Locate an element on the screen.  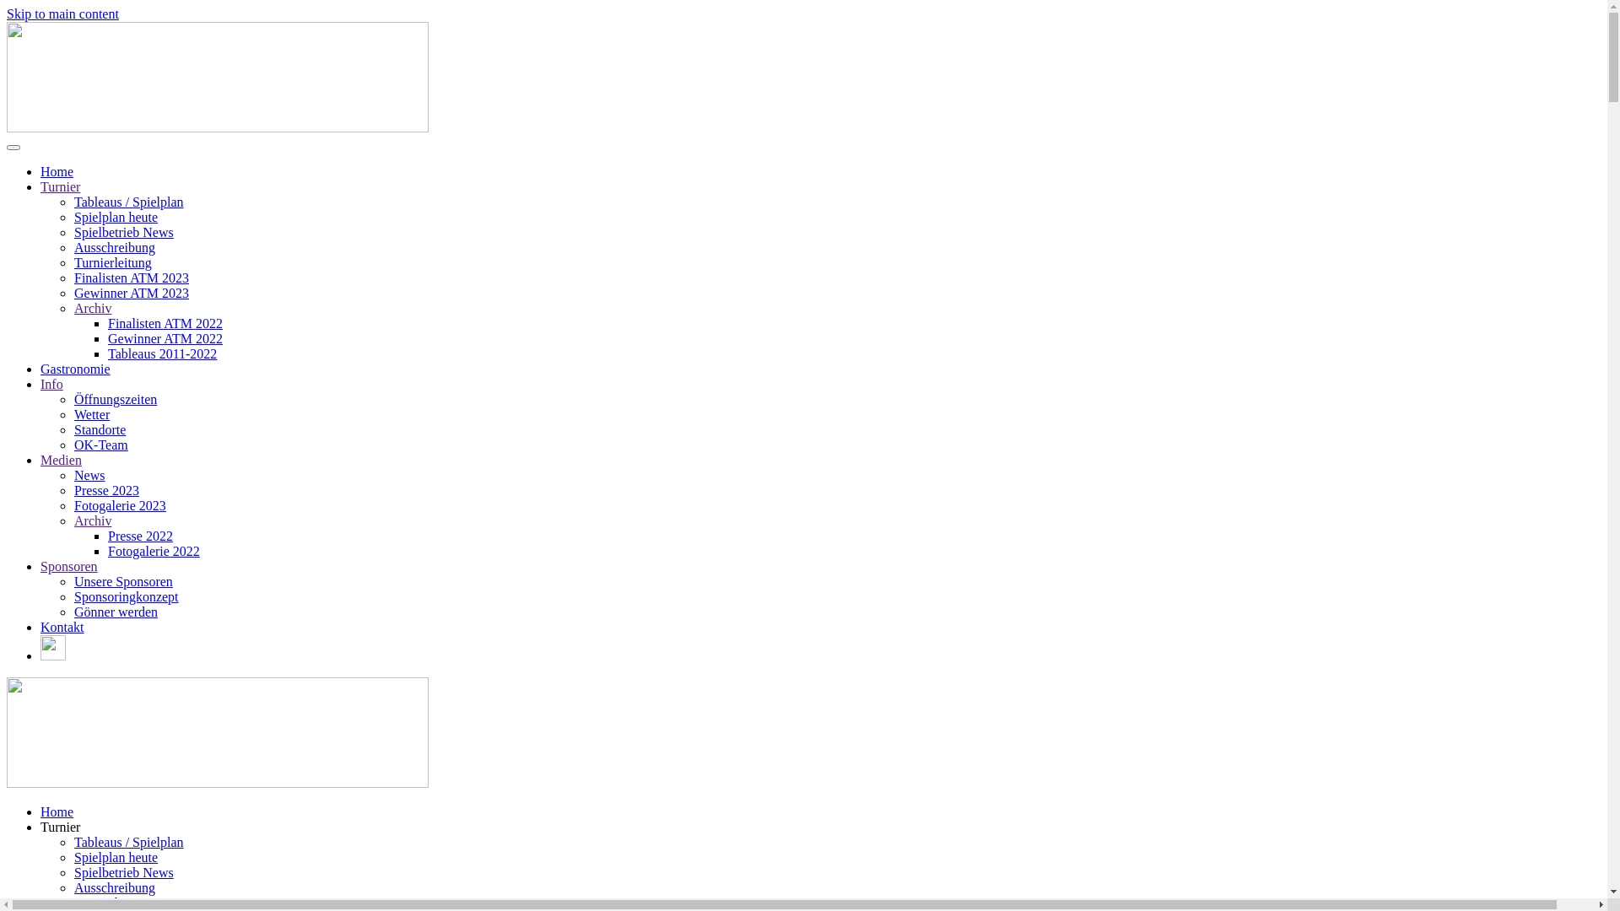
'Turnier' is located at coordinates (60, 826).